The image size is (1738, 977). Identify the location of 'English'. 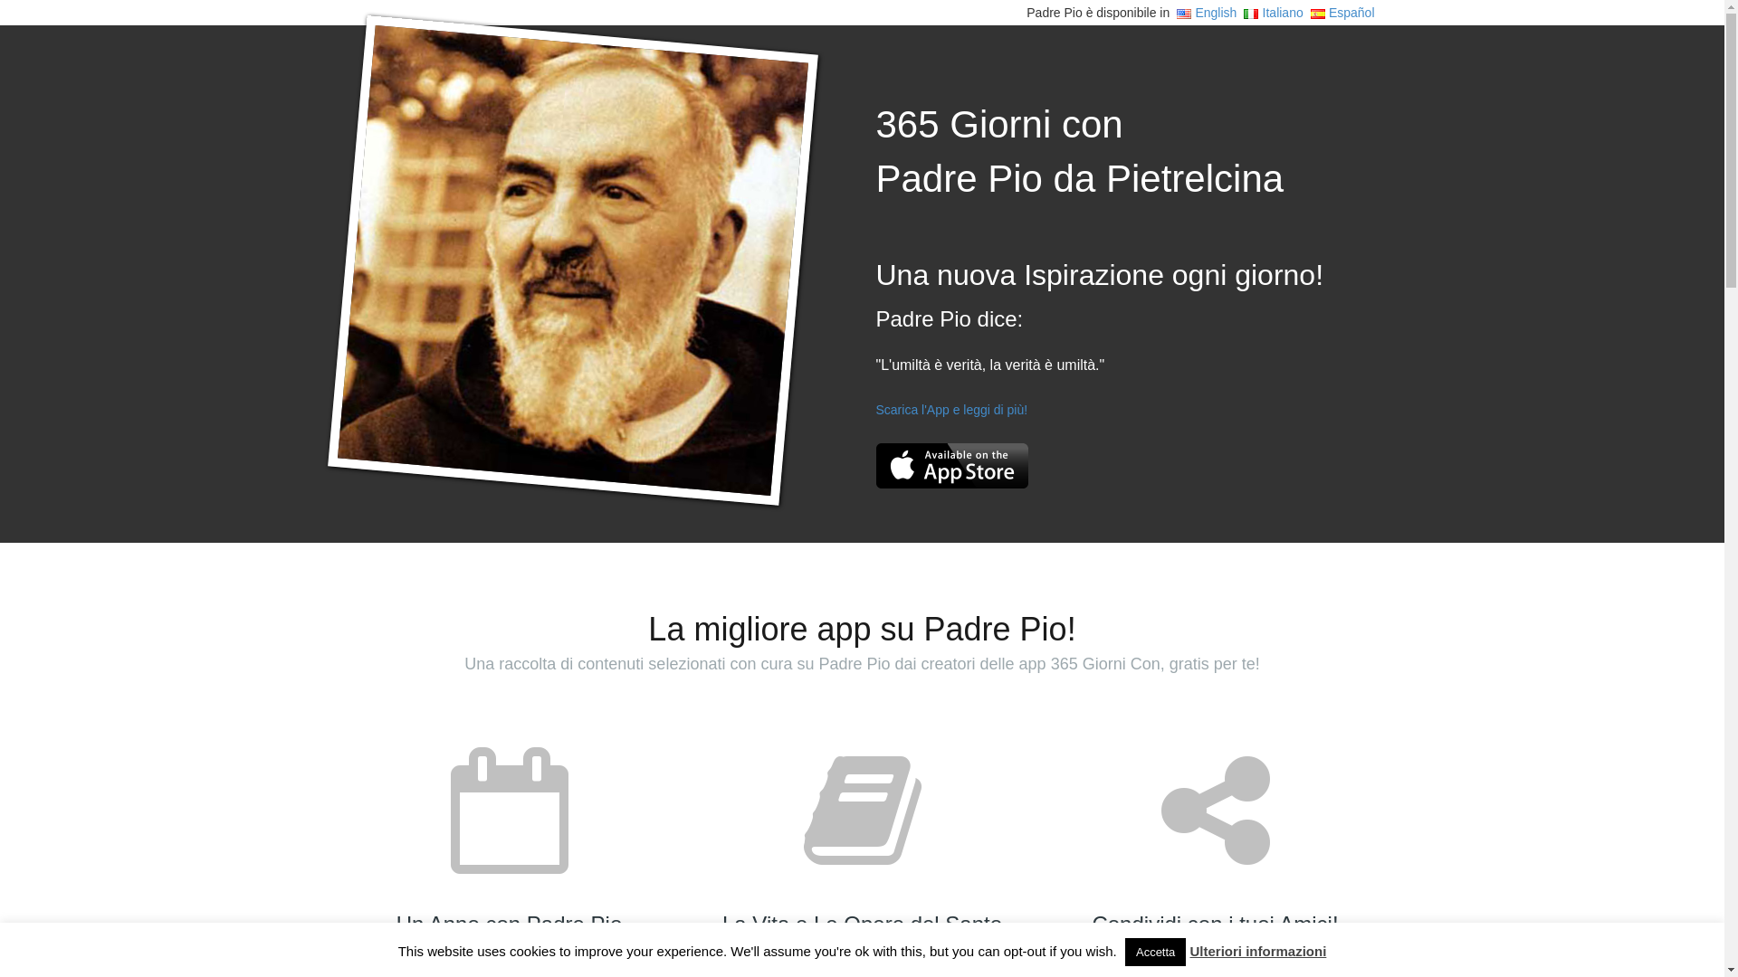
(1177, 13).